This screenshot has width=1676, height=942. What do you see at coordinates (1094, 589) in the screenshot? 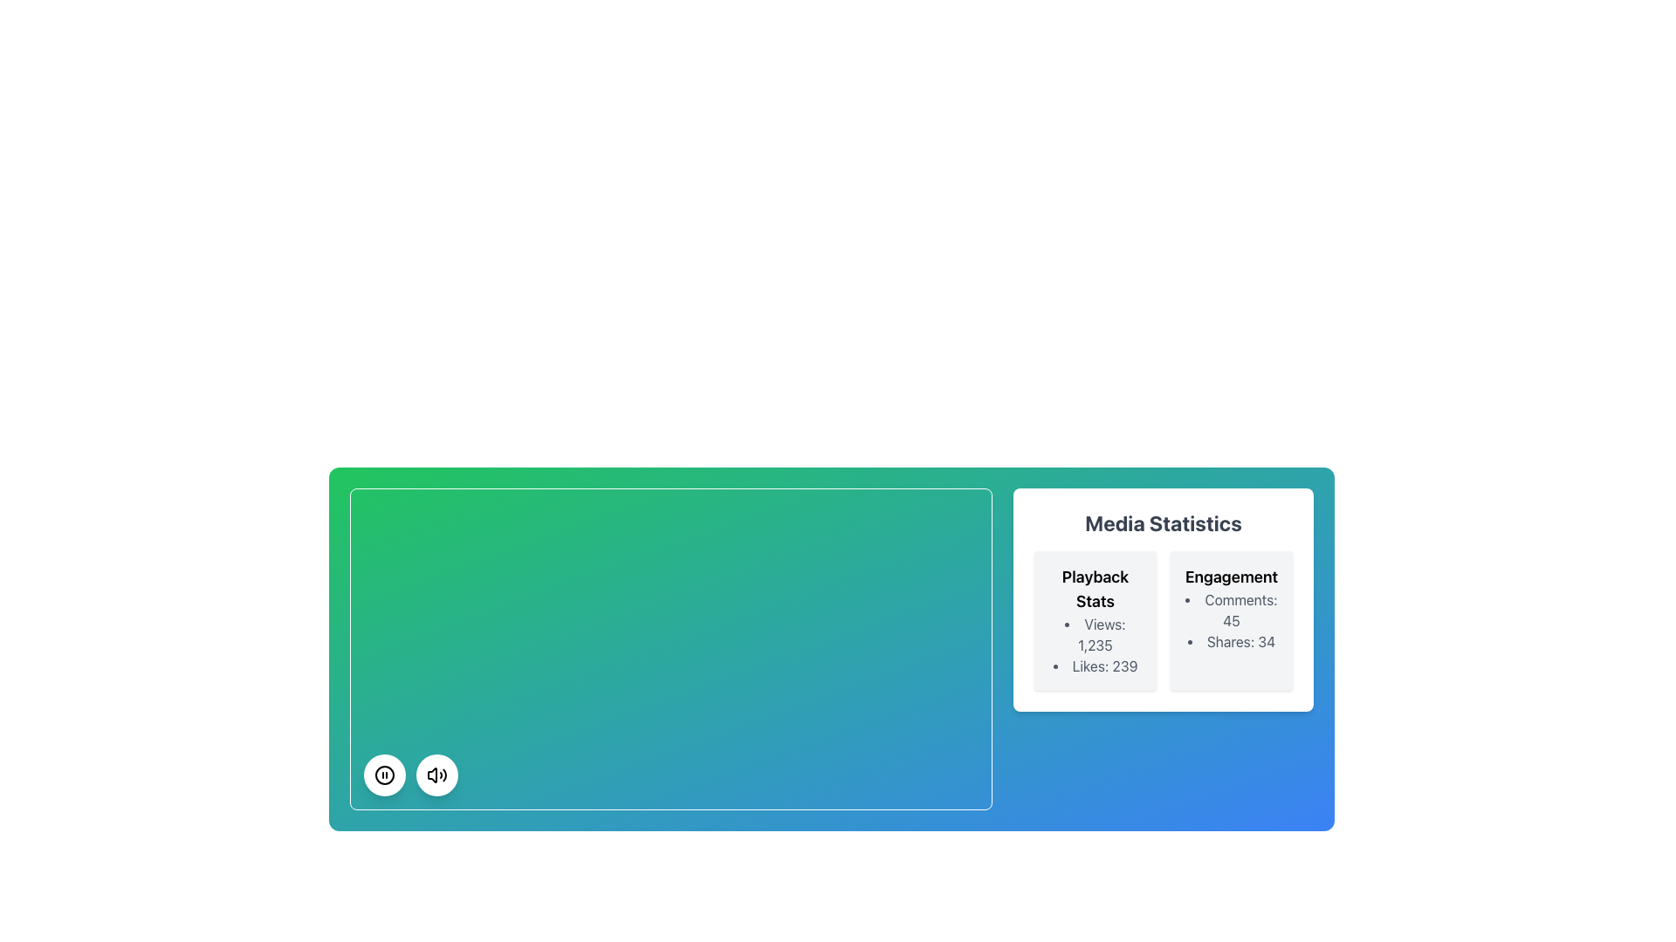
I see `the heading text that labels the section of the card displaying playback statistics, located within a light gray box with rounded corners in the 'Media Statistics' panel` at bounding box center [1094, 589].